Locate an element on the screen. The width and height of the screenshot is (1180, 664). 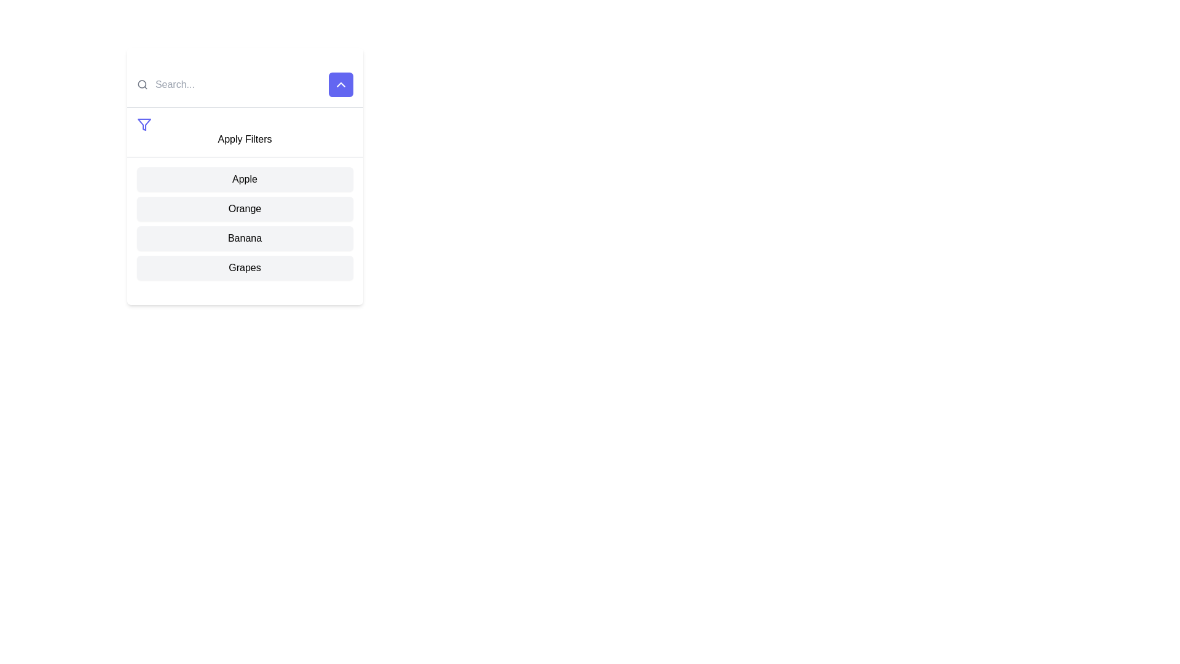
the search icon by clicking on the filled circle element that is part of the search icon located in the top left corner of the UI is located at coordinates (141, 84).